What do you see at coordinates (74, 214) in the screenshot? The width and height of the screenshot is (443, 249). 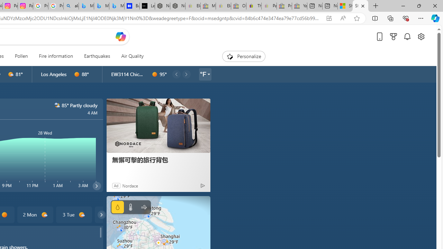 I see `'3 Tue d1000'` at bounding box center [74, 214].